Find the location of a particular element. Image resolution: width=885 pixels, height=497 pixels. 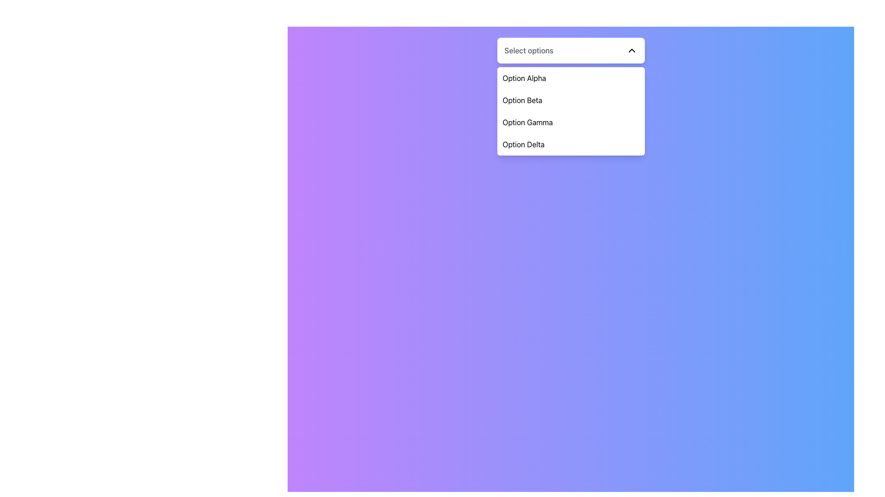

the 'Option Gamma' dropdown menu item to observe the hover effect, which changes its background color to gray is located at coordinates (570, 122).